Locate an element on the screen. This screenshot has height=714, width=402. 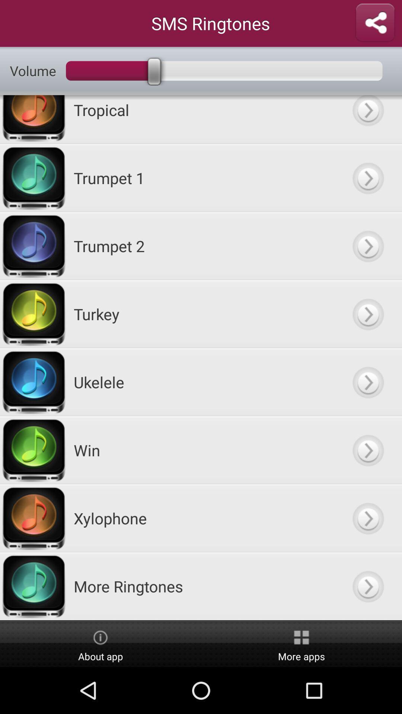
tropical music is located at coordinates (367, 119).